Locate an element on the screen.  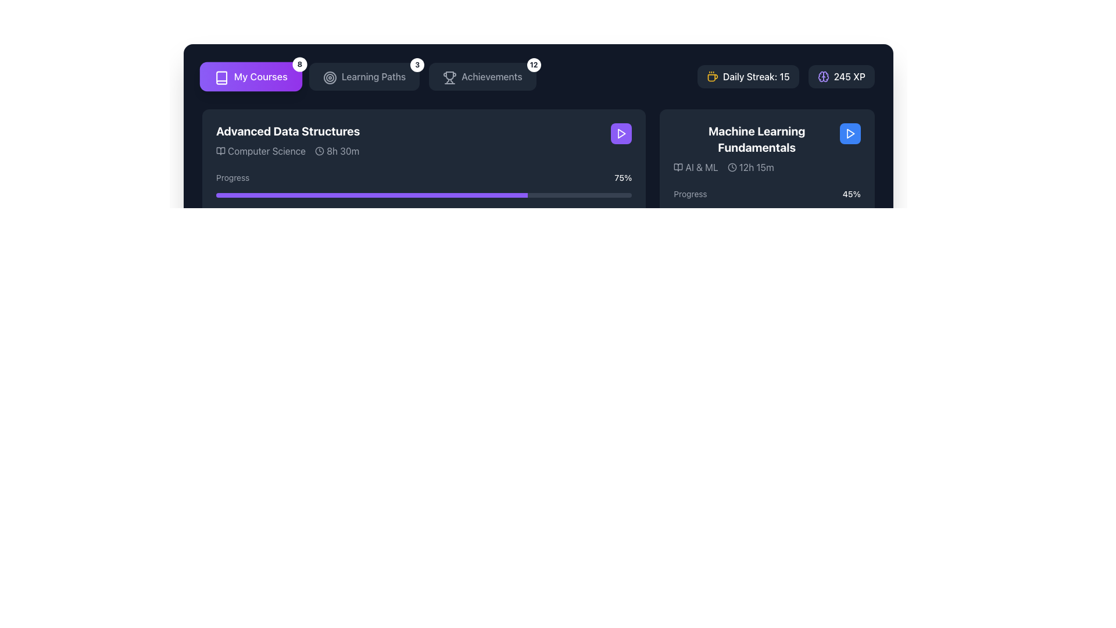
information displayed on the text label 'AI & ML 12h 15m', which is styled in gray and located below the title 'Machine Learning Fundamentals' is located at coordinates (757, 167).